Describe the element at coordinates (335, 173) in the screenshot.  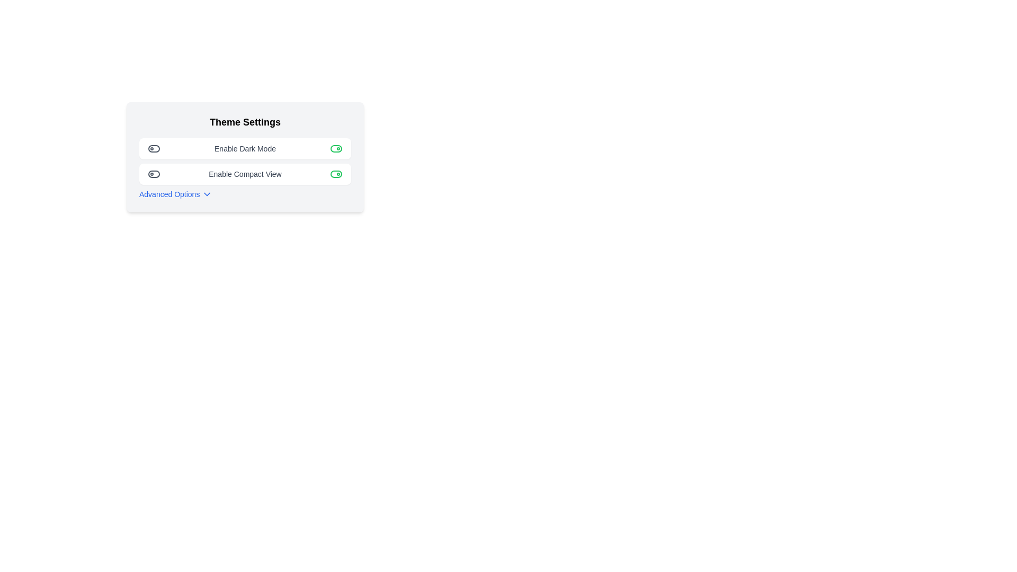
I see `the background frame of the toggle switch for the 'Enable Compact View' option in the 'Theme Settings' panel, which is a rectangular shape with rounded edges located at the center of the toggle control` at that location.